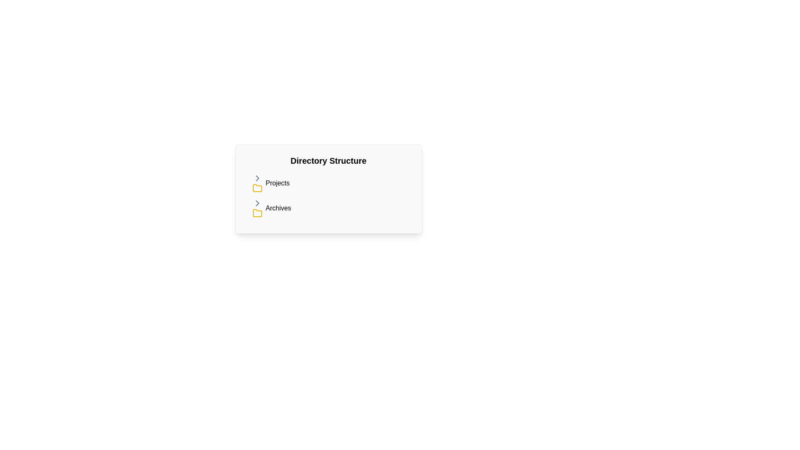 This screenshot has height=450, width=800. What do you see at coordinates (257, 203) in the screenshot?
I see `the right chevron icon for the 'Archives' folder to trigger a visual change` at bounding box center [257, 203].